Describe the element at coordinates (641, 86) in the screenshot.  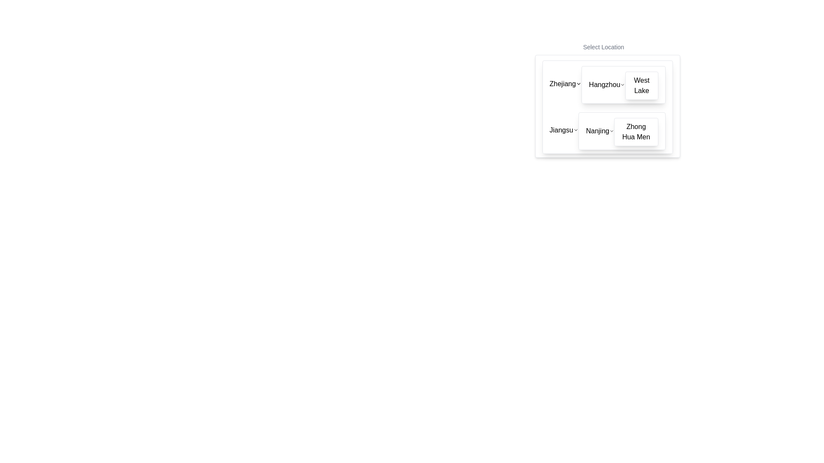
I see `the 'West Lake' location option in the dropdown menu, which is positioned below 'Hangzhou' and above 'Zhejiang' within the top-right area of the modal window` at that location.